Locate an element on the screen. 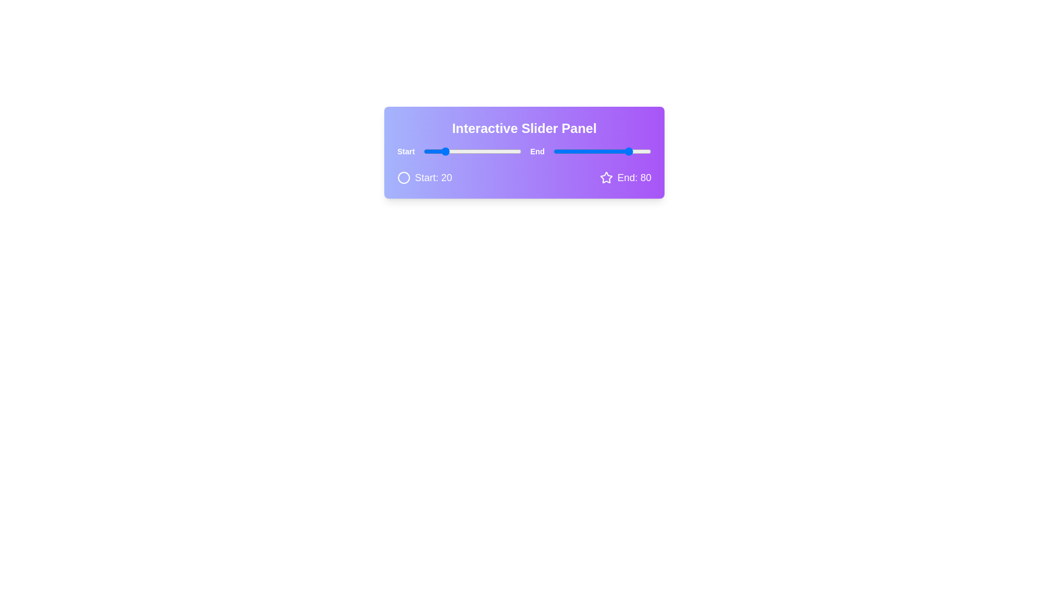 The height and width of the screenshot is (591, 1051). the slider is located at coordinates (581, 152).